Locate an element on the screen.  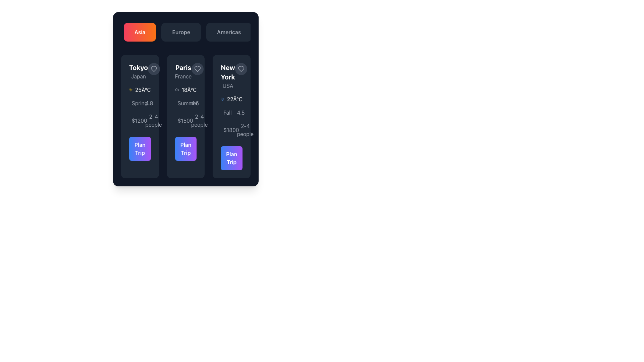
the cloudy weather icon located to the immediate left of the temperature text '18Â°C' within the weather information panel for Paris is located at coordinates (177, 89).